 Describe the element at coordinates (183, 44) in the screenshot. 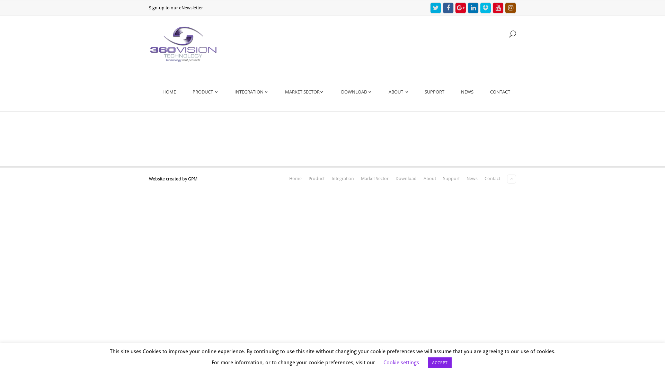

I see `'technology that protects'` at that location.